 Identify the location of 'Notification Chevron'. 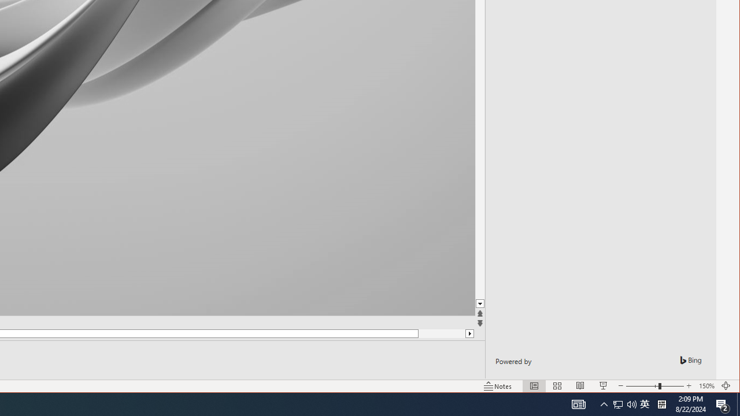
(604, 403).